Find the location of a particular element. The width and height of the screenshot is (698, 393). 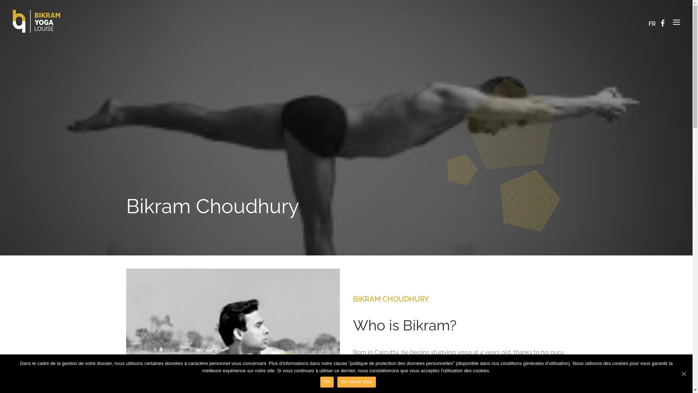

'<strong>fb</strong>' is located at coordinates (664, 20).